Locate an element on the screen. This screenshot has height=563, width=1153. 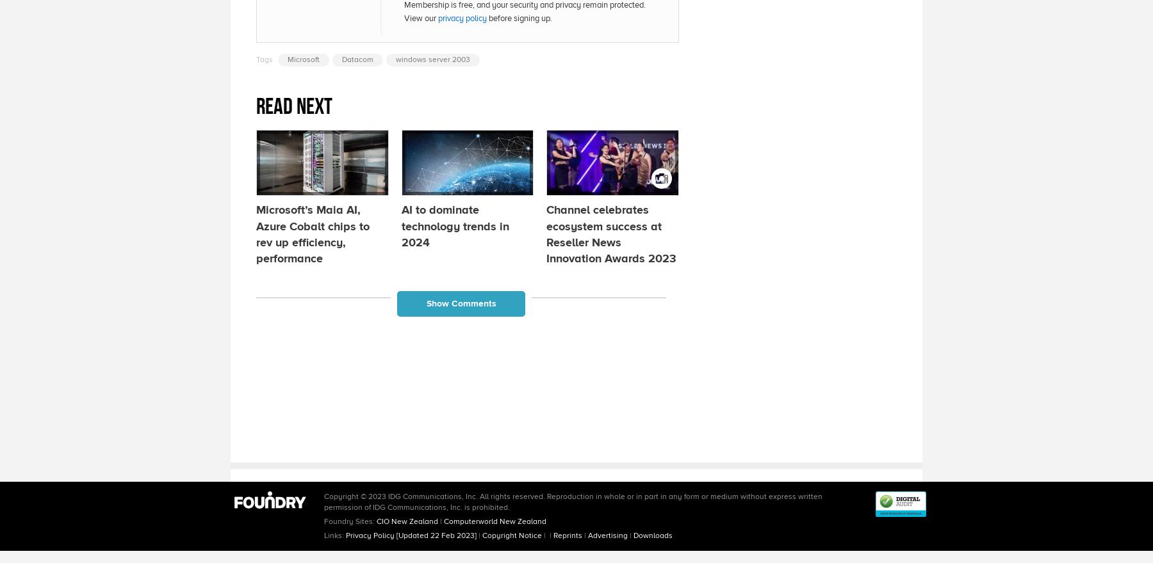
'Foundry Sites:' is located at coordinates (350, 520).